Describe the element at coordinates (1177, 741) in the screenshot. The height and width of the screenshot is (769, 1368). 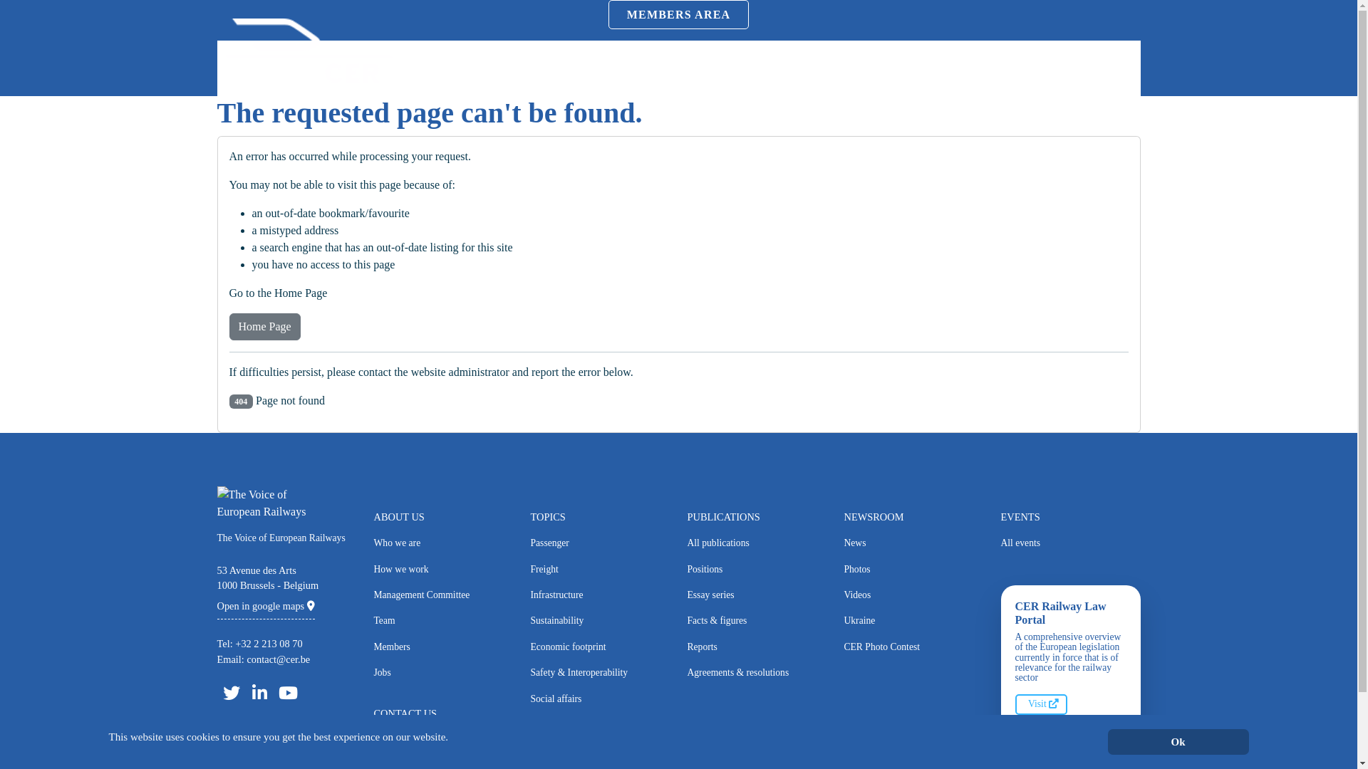
I see `'Ok'` at that location.